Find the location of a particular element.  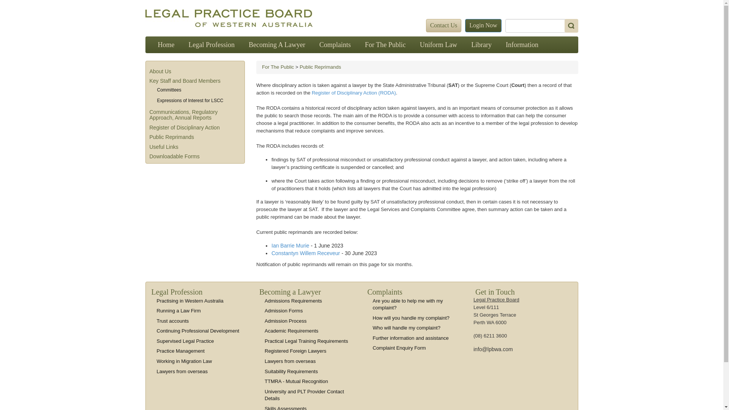

'Are you able to help me with my complaint?' is located at coordinates (407, 304).